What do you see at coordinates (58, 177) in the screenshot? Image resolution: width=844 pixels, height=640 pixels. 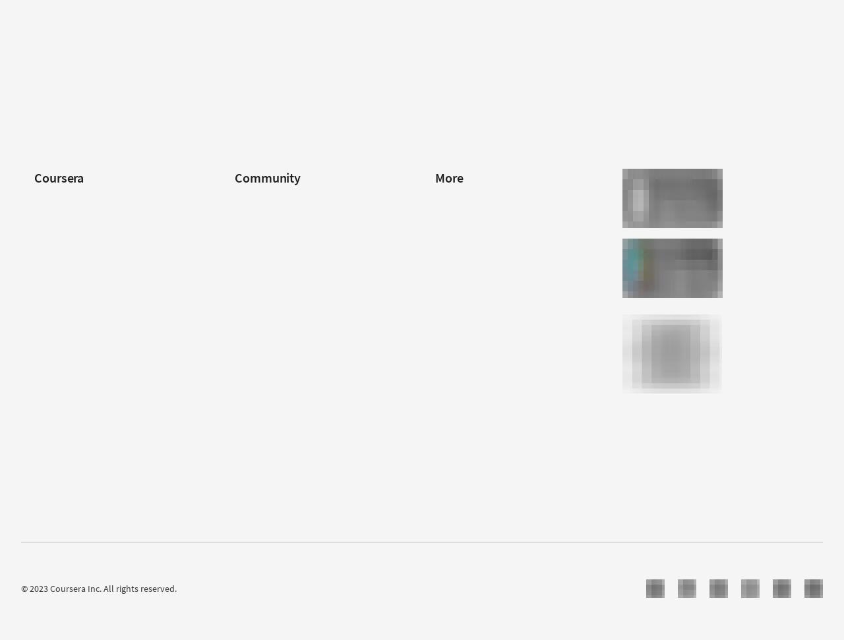 I see `'Coursera'` at bounding box center [58, 177].